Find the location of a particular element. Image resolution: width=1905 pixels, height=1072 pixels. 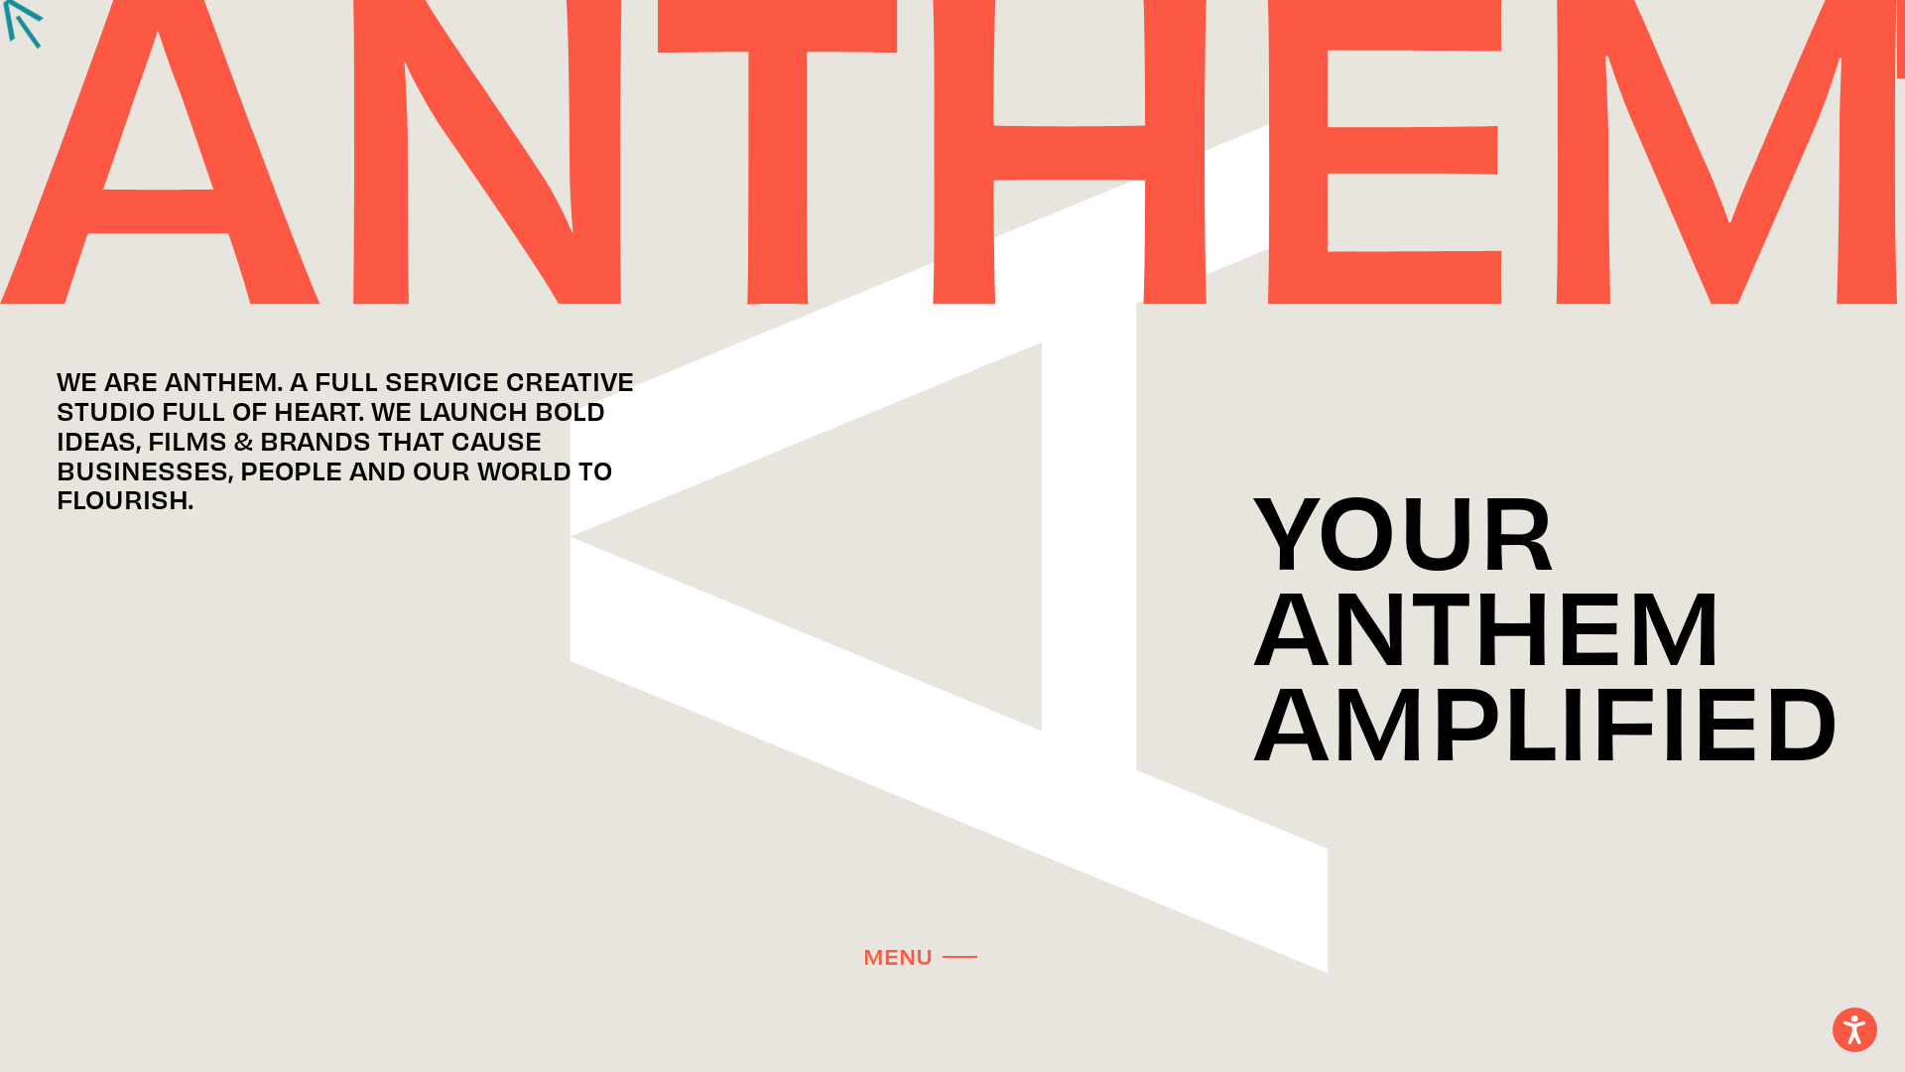

'MENU' is located at coordinates (919, 952).